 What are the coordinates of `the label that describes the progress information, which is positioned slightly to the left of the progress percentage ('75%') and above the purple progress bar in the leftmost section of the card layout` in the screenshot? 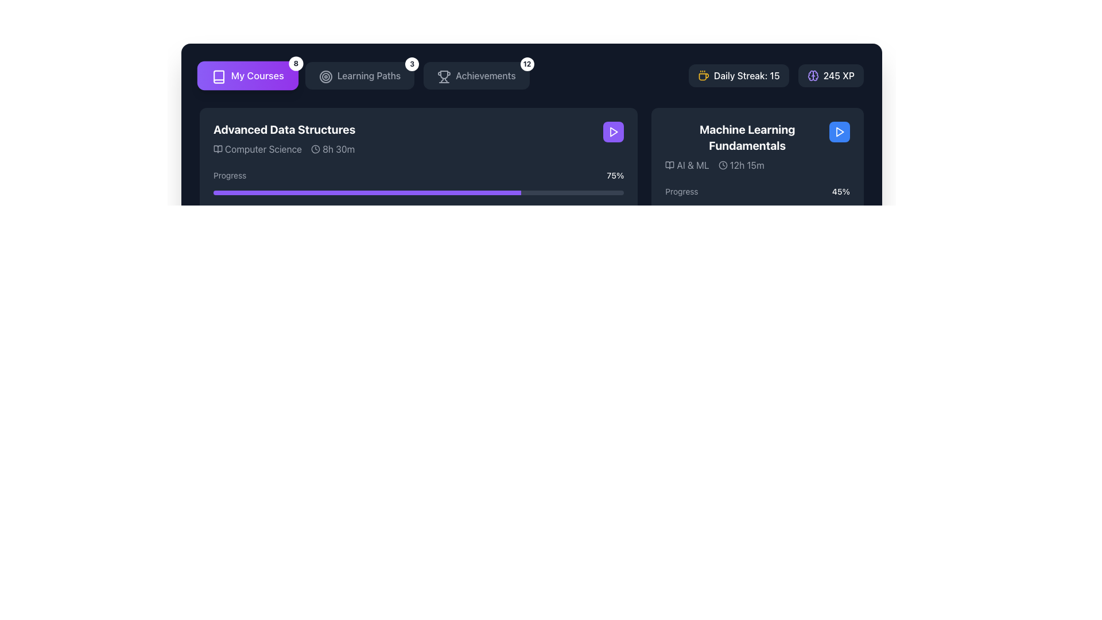 It's located at (230, 175).